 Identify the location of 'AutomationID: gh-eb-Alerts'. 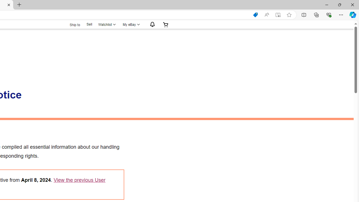
(151, 24).